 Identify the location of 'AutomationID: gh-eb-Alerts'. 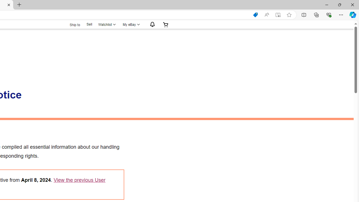
(151, 24).